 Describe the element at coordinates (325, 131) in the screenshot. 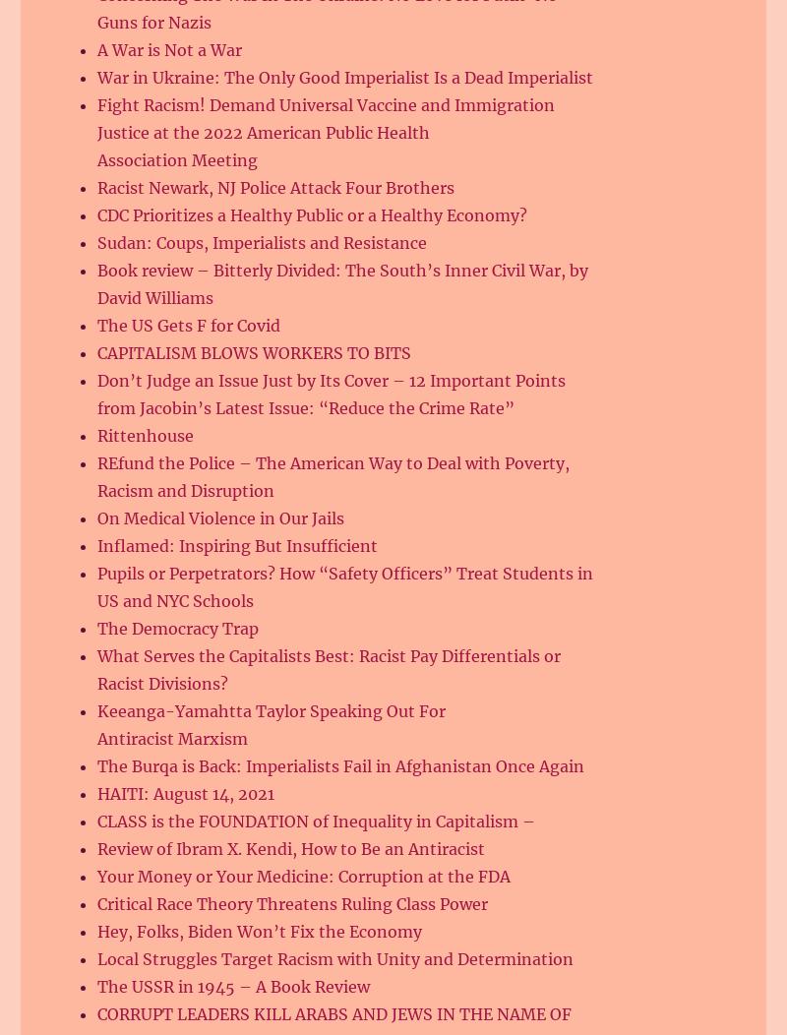

I see `'Fight Racism! Demand Universal Vaccine and Immigration Justice at the 2022 American Public Health Association Meeting'` at that location.